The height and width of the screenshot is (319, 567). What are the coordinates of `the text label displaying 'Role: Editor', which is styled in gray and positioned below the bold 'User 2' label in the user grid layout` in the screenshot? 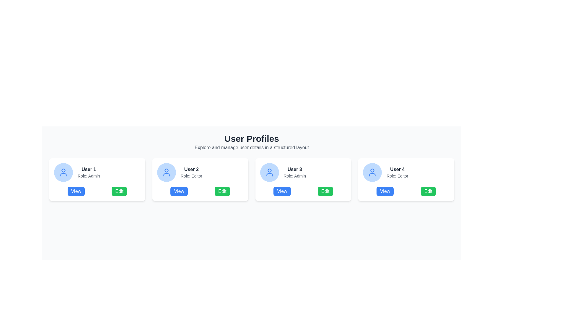 It's located at (191, 176).